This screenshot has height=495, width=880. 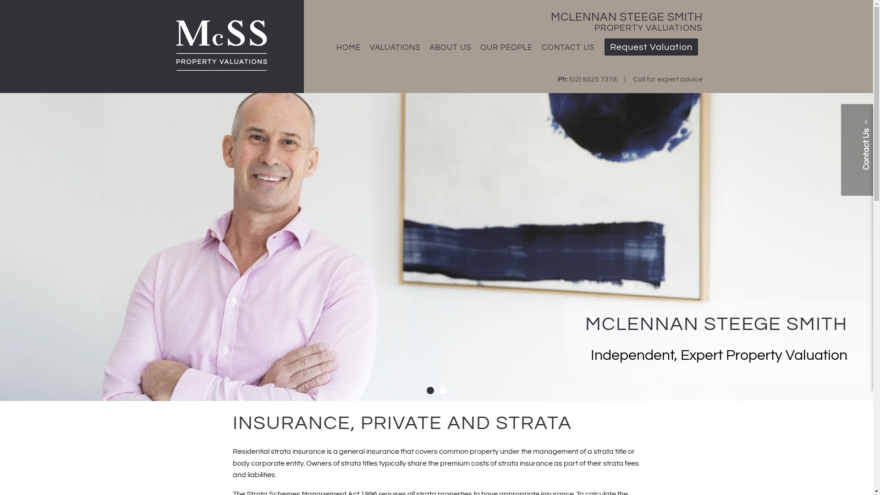 I want to click on 'CONTACT US', so click(x=567, y=48).